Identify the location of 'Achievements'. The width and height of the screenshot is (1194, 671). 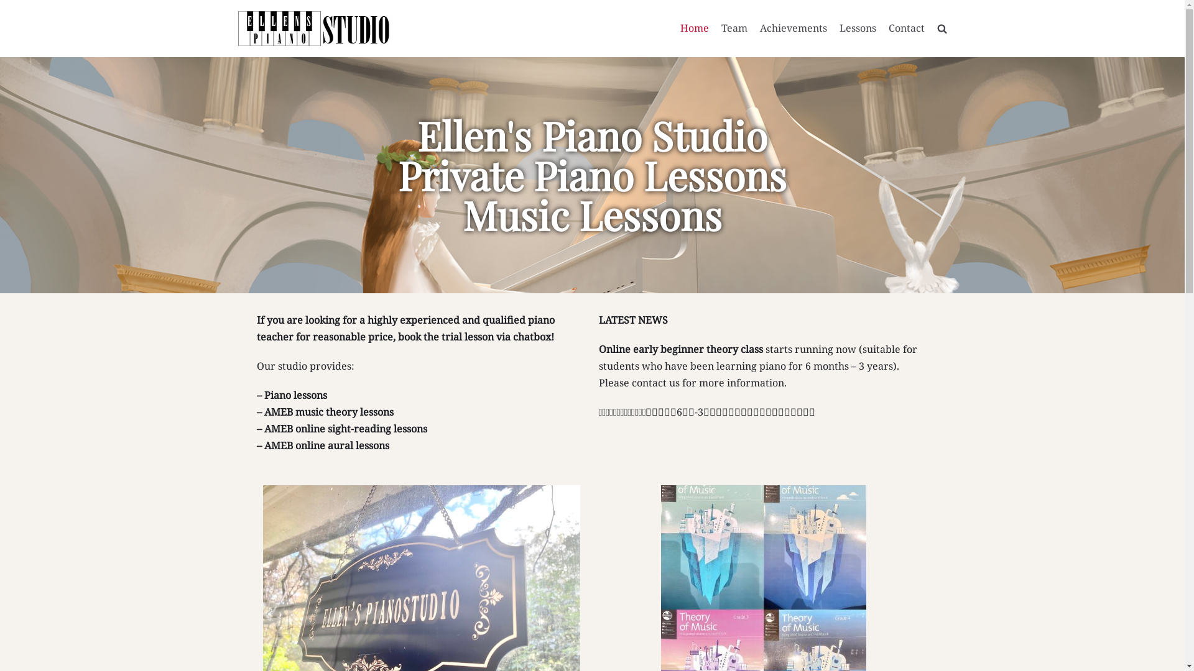
(759, 28).